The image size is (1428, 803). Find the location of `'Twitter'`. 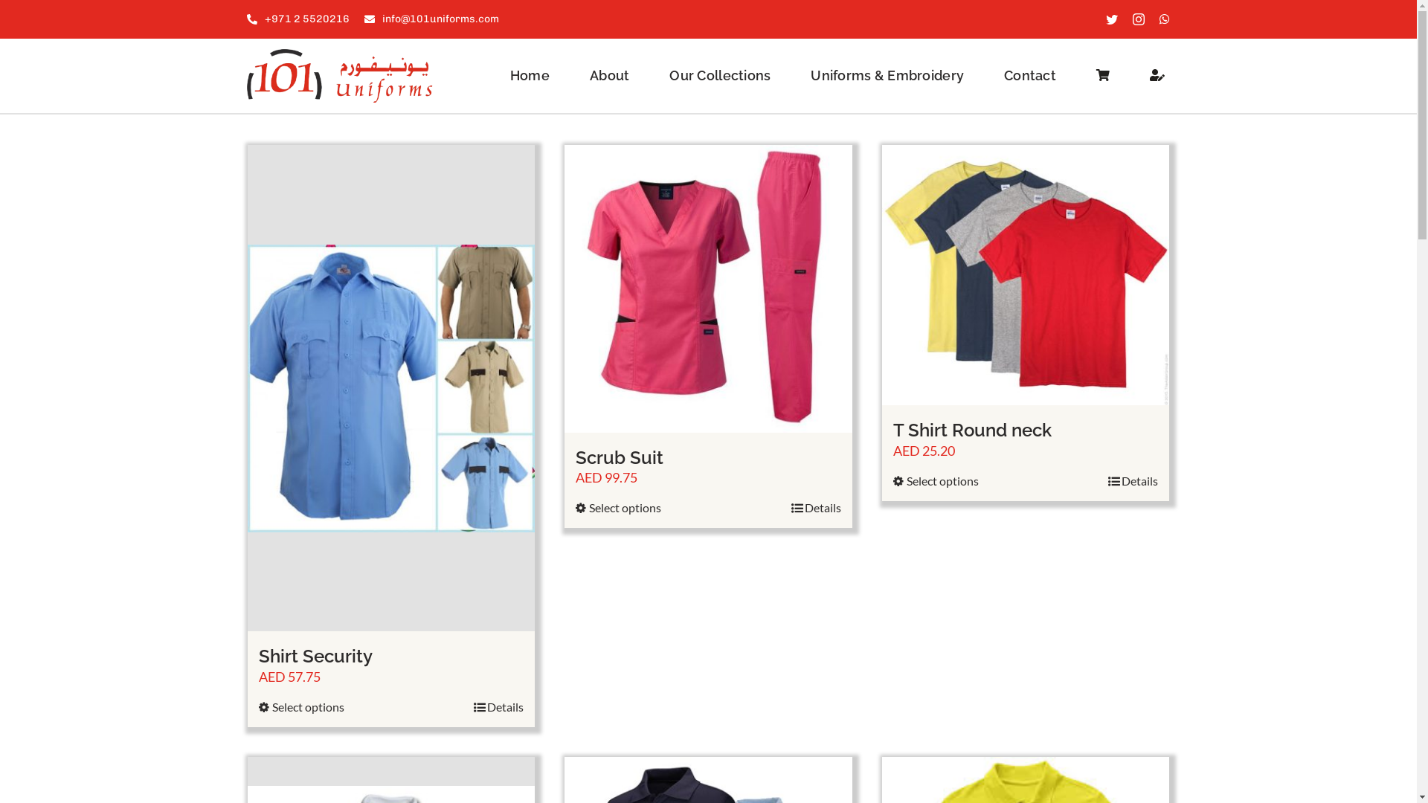

'Twitter' is located at coordinates (1111, 19).